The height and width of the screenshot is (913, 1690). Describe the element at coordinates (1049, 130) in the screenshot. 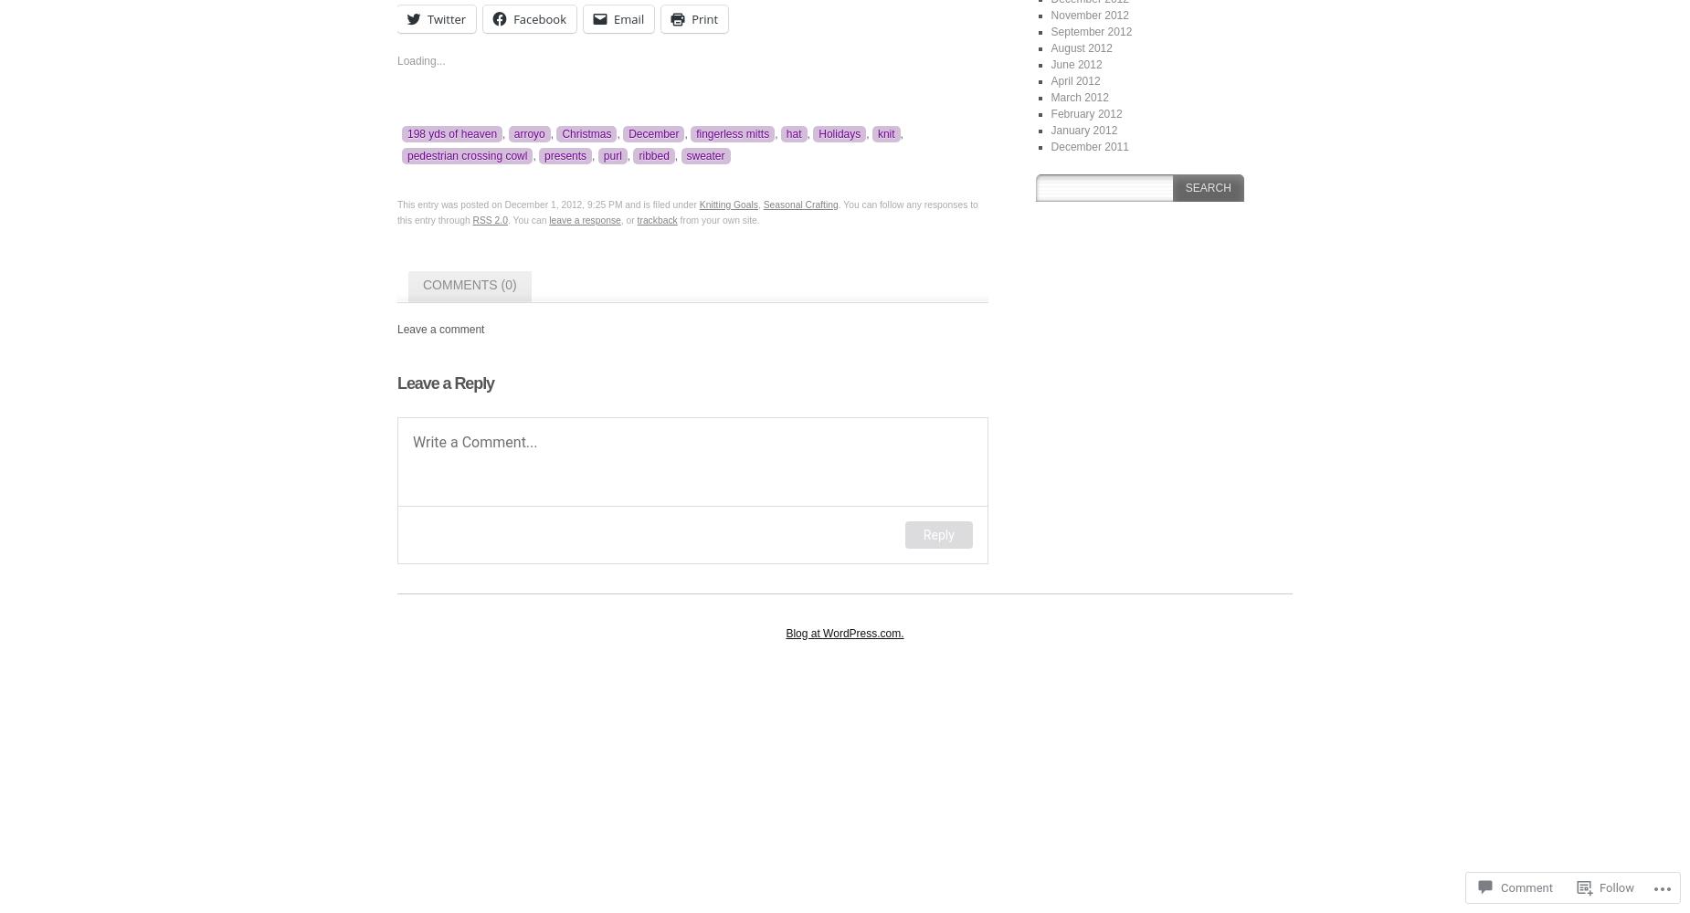

I see `'January 2012'` at that location.